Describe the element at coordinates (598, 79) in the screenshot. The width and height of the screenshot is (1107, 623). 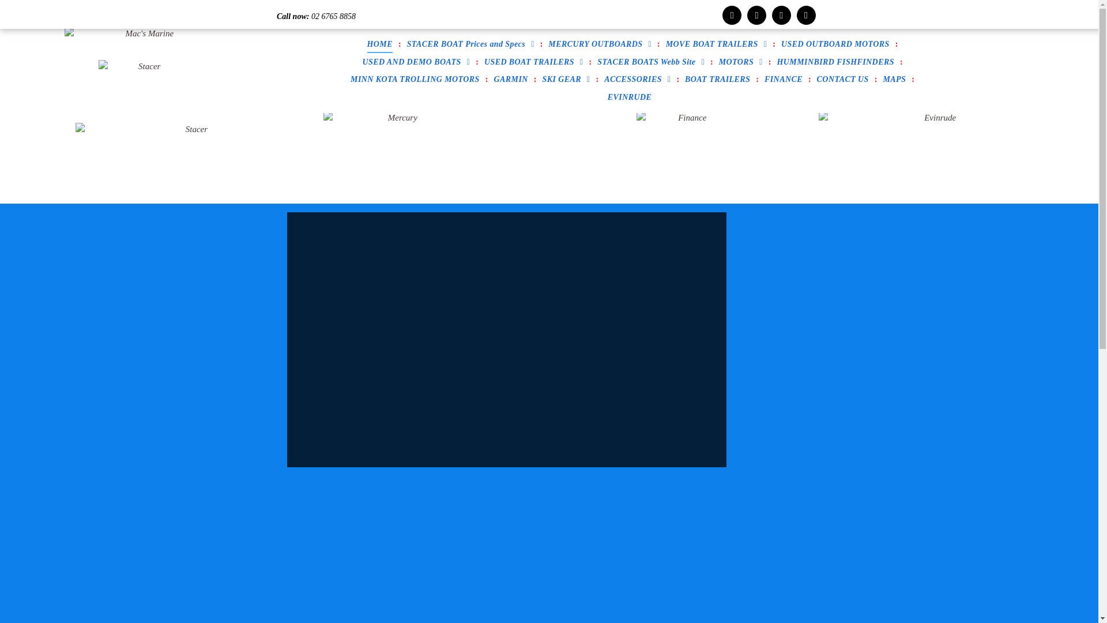
I see `'ACCESSORIES'` at that location.